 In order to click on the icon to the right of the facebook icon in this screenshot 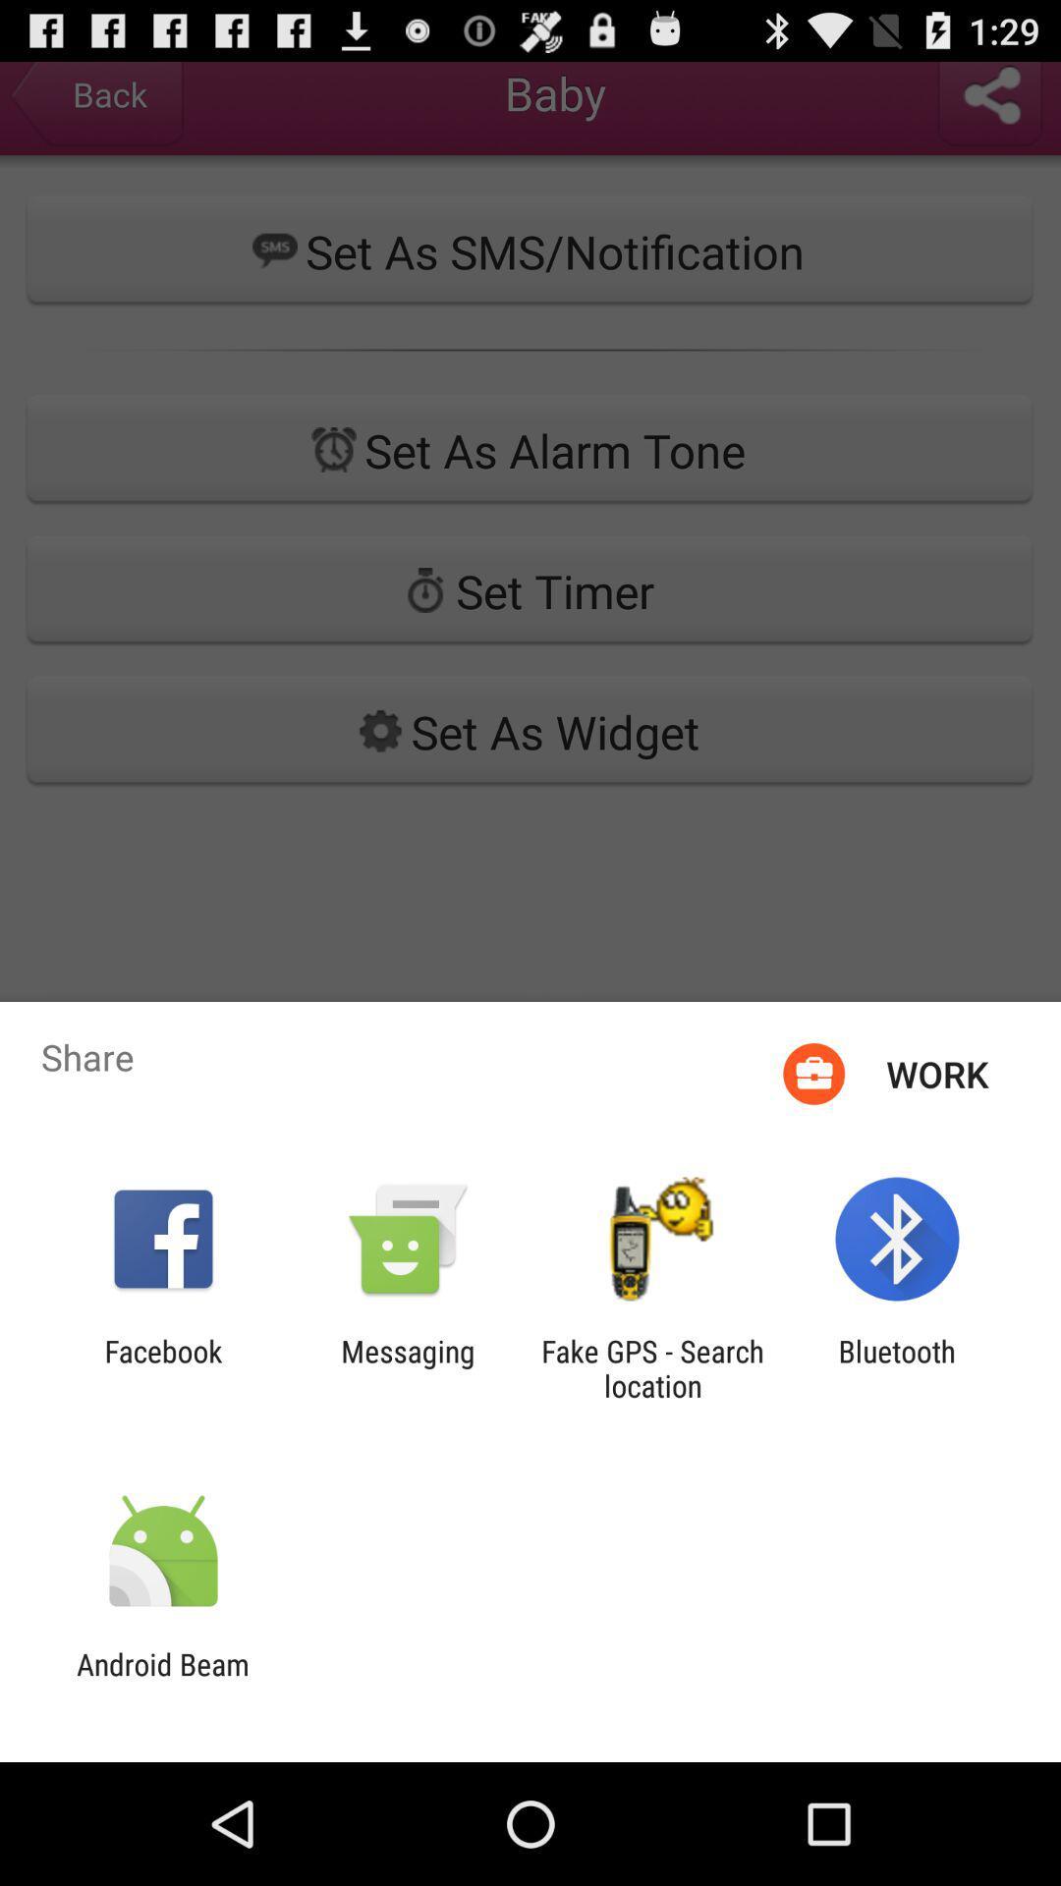, I will do `click(407, 1367)`.